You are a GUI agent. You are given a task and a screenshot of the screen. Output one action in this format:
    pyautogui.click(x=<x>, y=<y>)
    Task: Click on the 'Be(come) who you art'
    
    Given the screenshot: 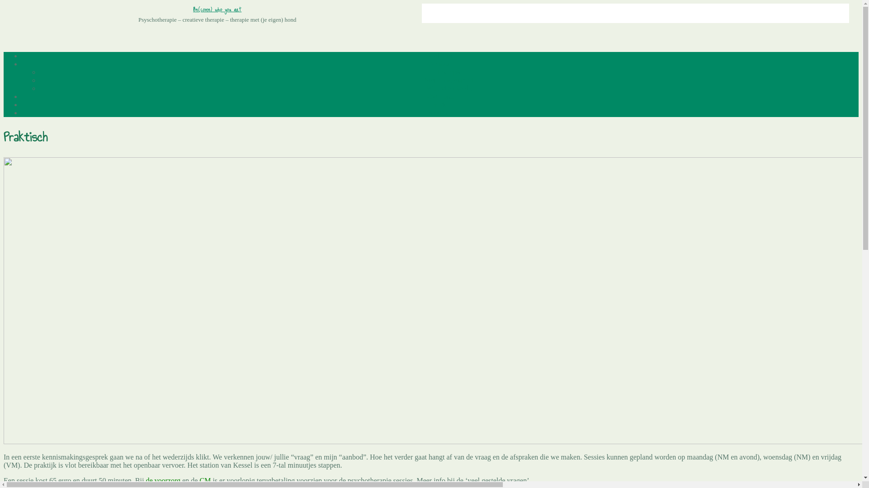 What is the action you would take?
    pyautogui.click(x=217, y=9)
    